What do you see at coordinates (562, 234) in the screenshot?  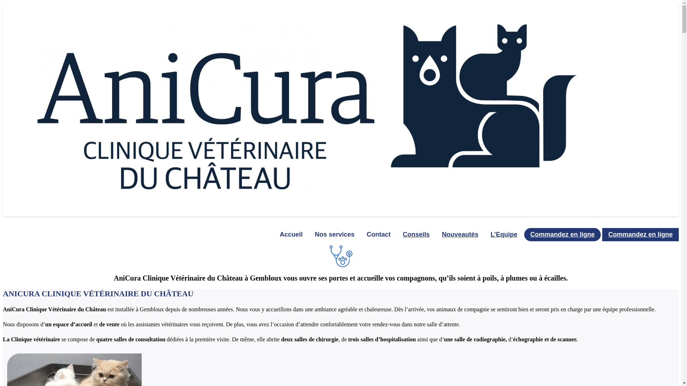 I see `'Commandez en ligne'` at bounding box center [562, 234].